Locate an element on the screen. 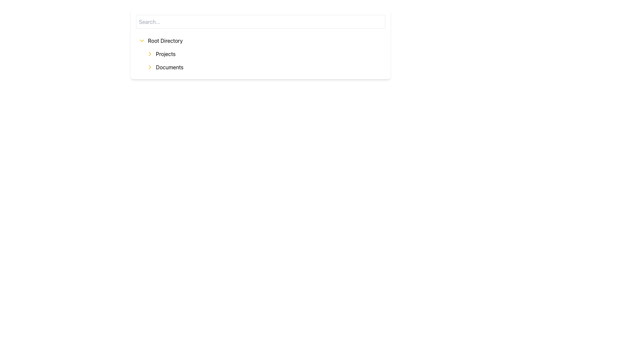  the text label representing the name of the top-level directory is located at coordinates (165, 41).